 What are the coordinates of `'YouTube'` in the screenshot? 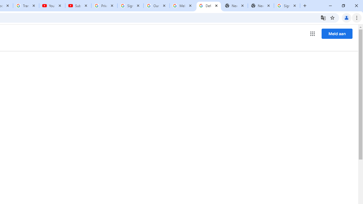 It's located at (52, 6).